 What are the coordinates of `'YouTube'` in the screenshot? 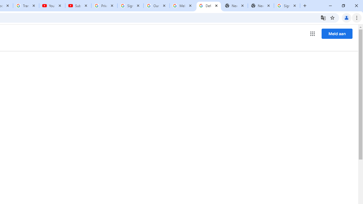 It's located at (52, 6).